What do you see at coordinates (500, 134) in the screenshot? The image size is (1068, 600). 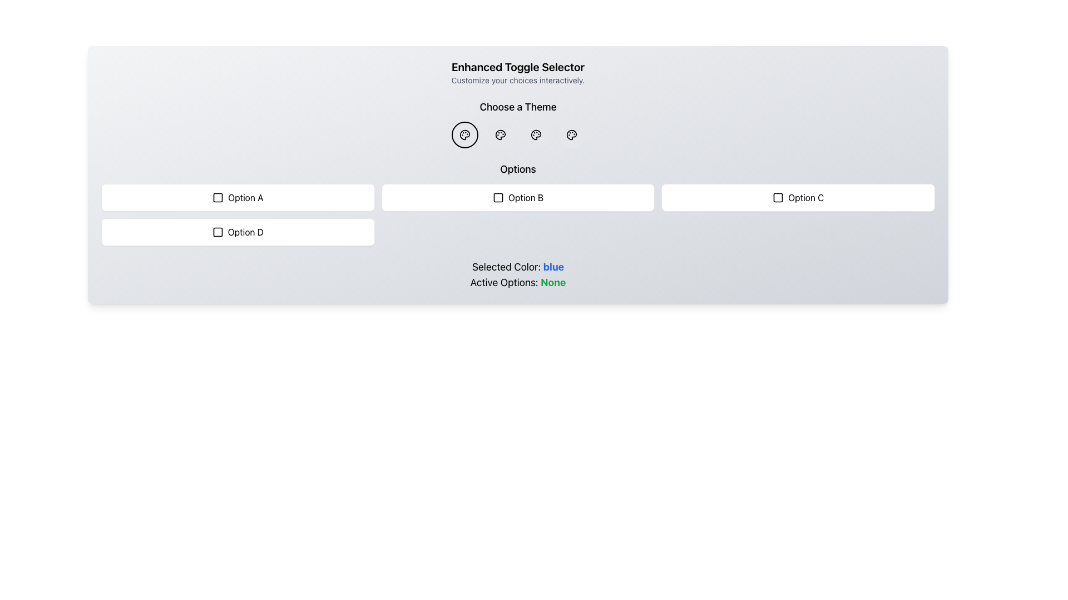 I see `the second button in the horizontal row of selectable circular buttons under the 'Choose a Theme' heading` at bounding box center [500, 134].